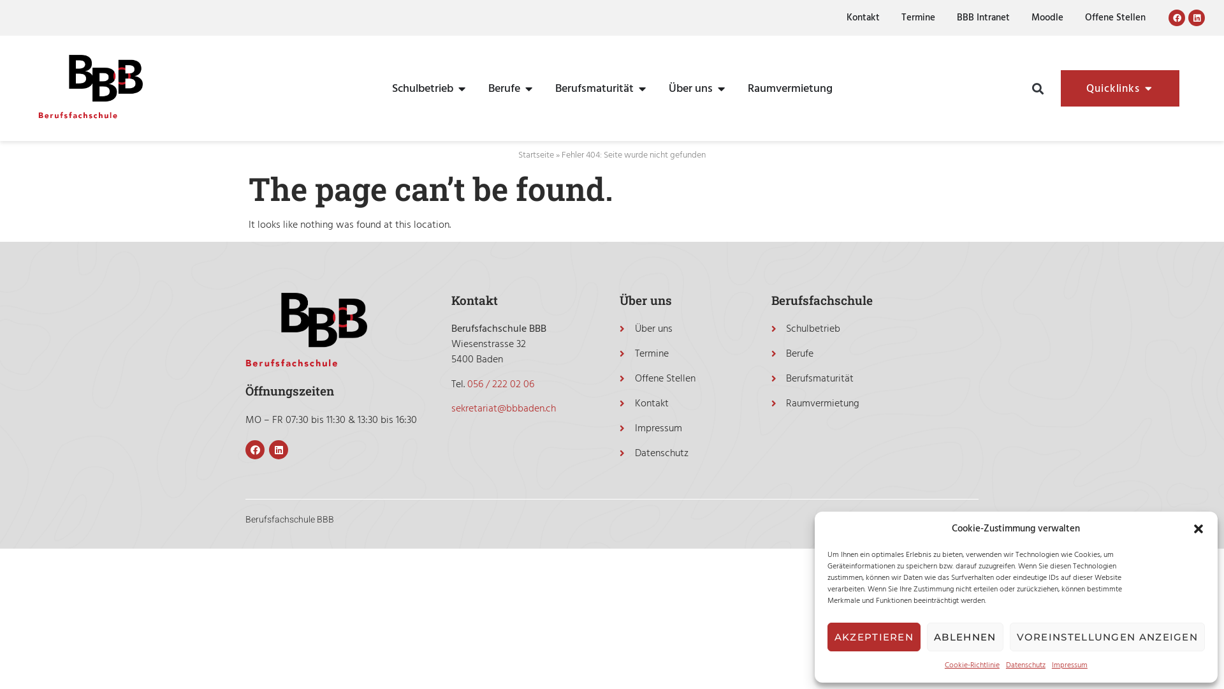 Image resolution: width=1224 pixels, height=689 pixels. Describe the element at coordinates (1025, 664) in the screenshot. I see `'Datenschutz'` at that location.